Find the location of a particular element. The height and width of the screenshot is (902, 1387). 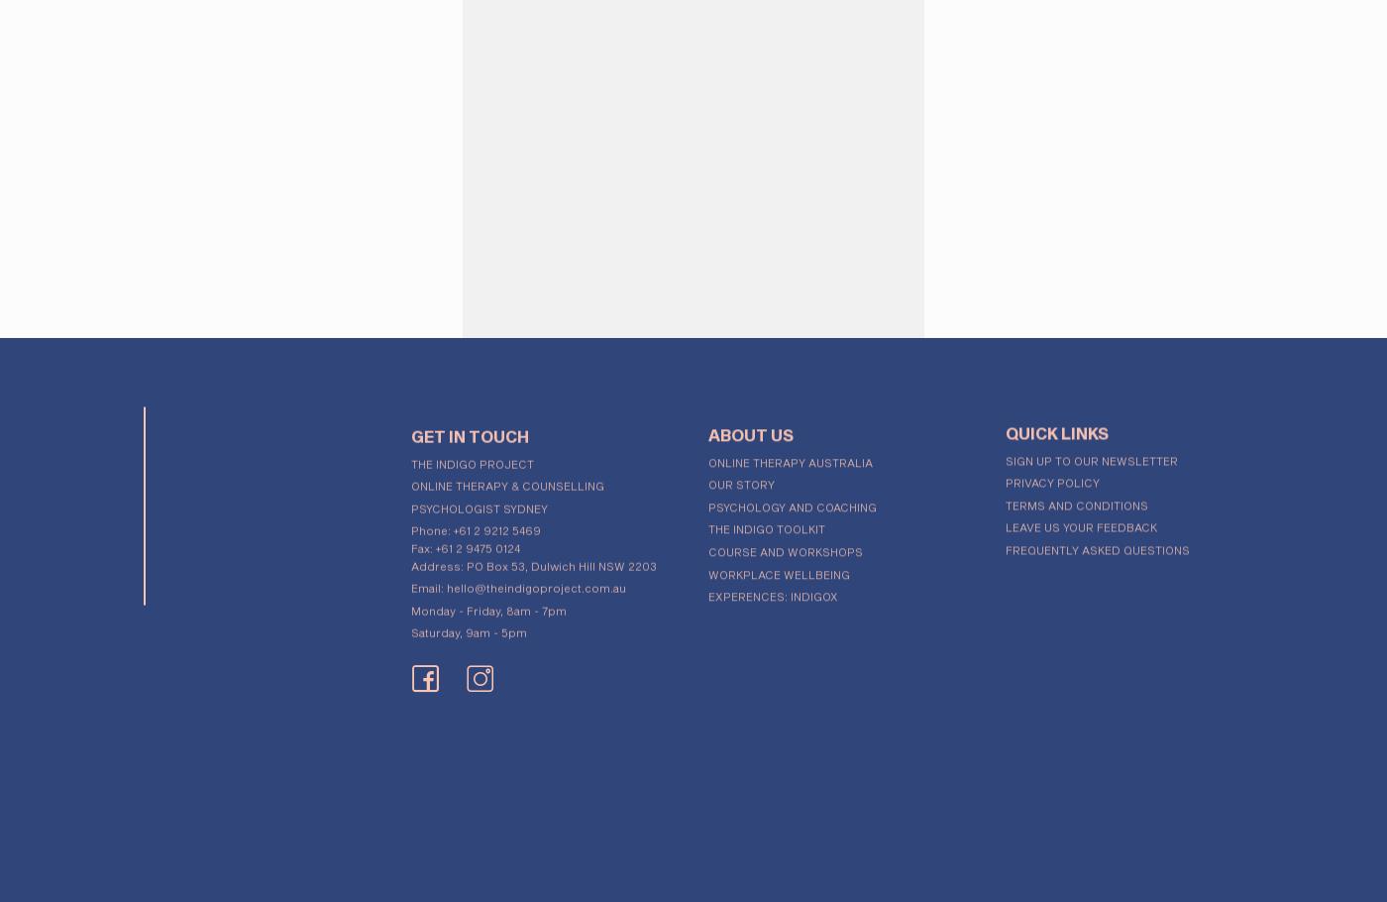

'Our Story' is located at coordinates (741, 477).